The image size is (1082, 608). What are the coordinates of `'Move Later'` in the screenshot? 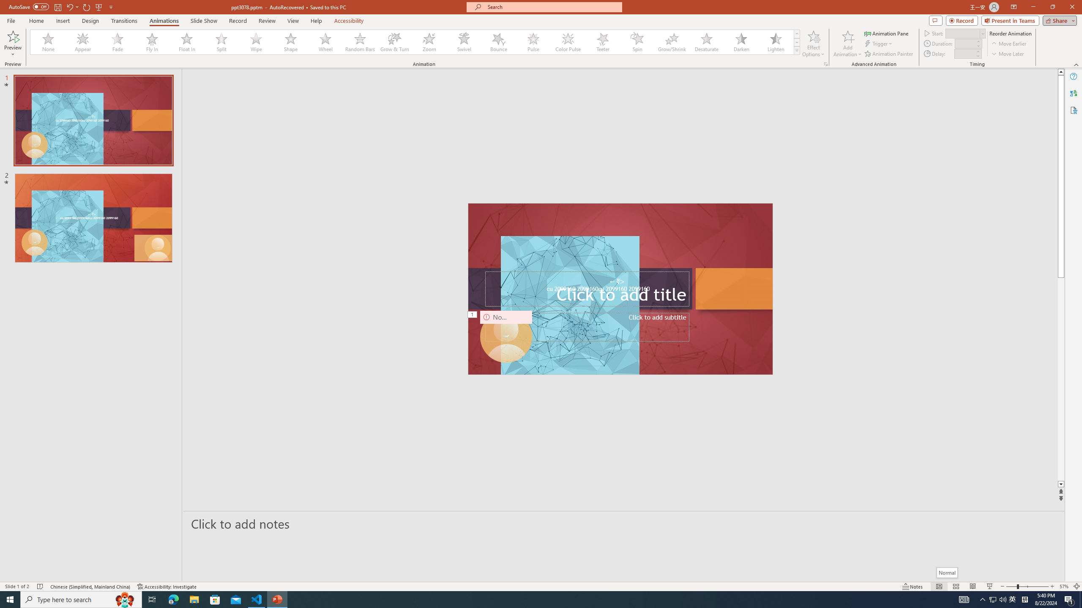 It's located at (1008, 54).